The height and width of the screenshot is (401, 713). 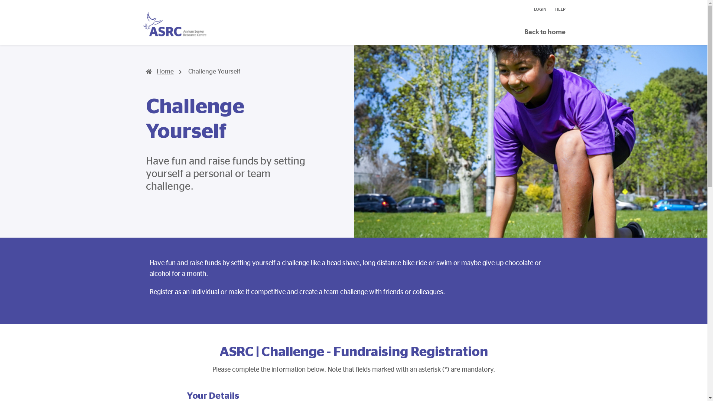 What do you see at coordinates (540, 9) in the screenshot?
I see `'LOGIN'` at bounding box center [540, 9].